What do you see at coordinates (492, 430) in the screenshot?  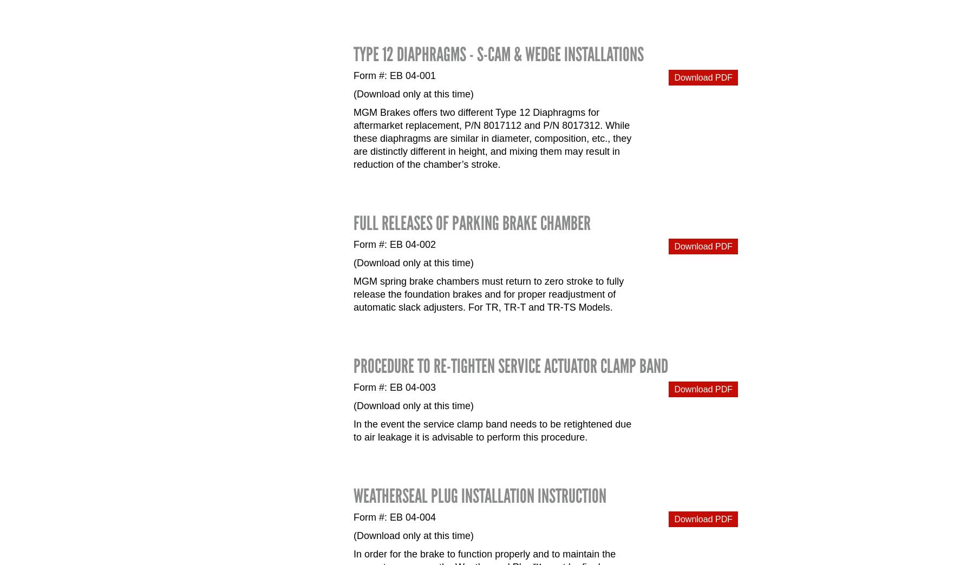 I see `'In the event the service clamp band needs to be retightened due to air leakage it is advisable to perform this procedure.'` at bounding box center [492, 430].